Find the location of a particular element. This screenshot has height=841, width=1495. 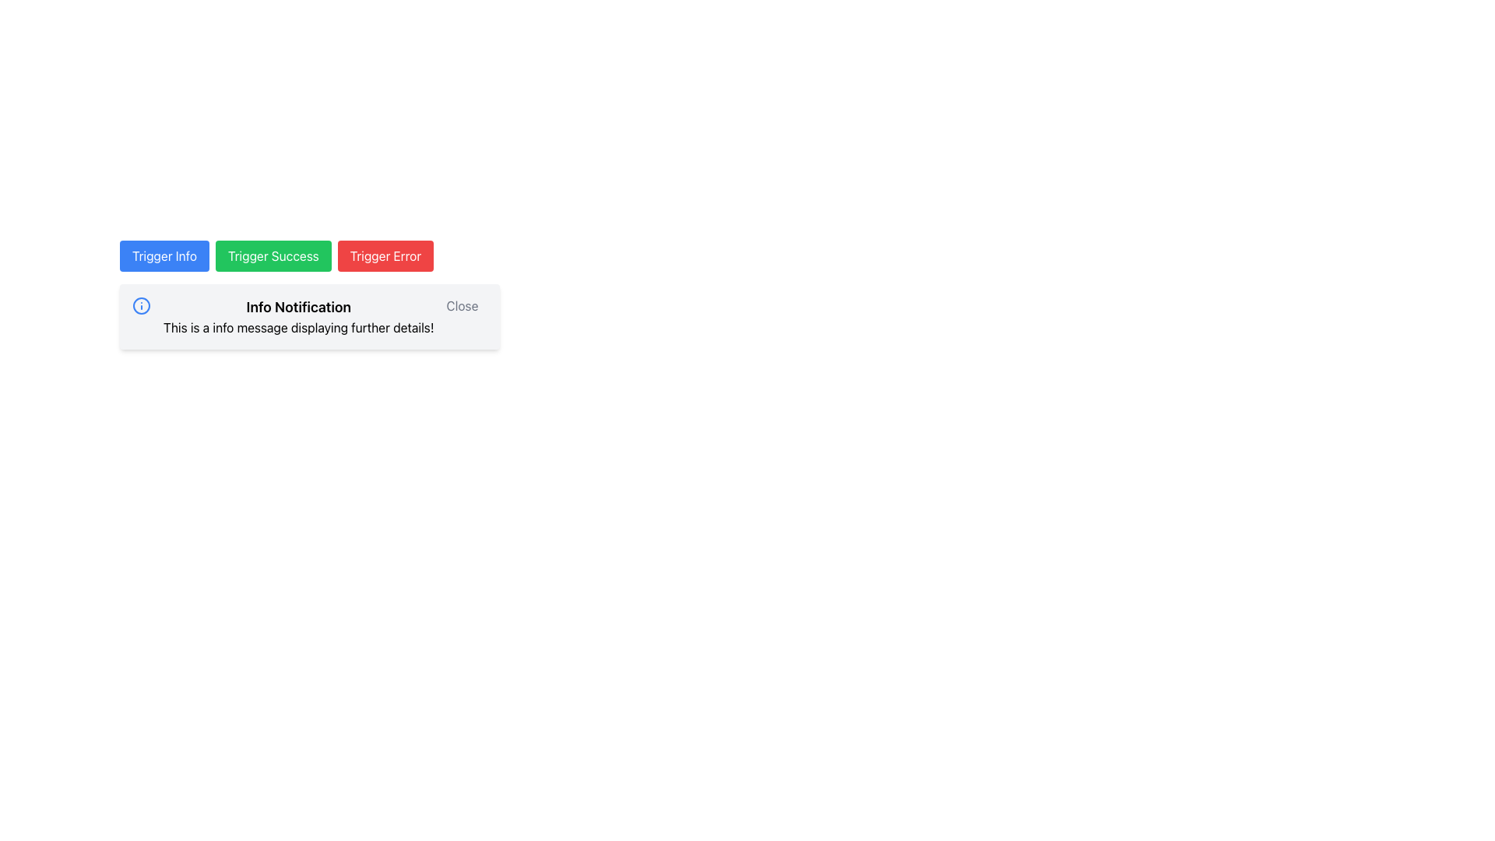

the second button in a horizontal row of three buttons, located between the blue 'Trigger Info' button and the red 'Trigger Error' button is located at coordinates (310, 255).